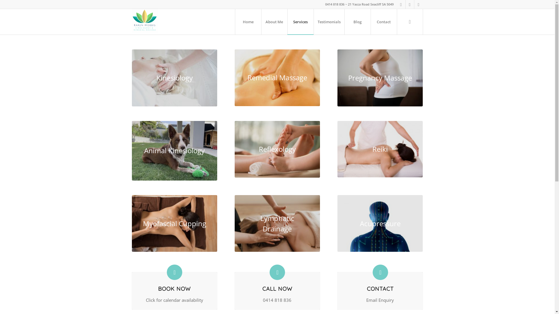 The height and width of the screenshot is (314, 559). What do you see at coordinates (380, 77) in the screenshot?
I see `'Pregnancy Massage'` at bounding box center [380, 77].